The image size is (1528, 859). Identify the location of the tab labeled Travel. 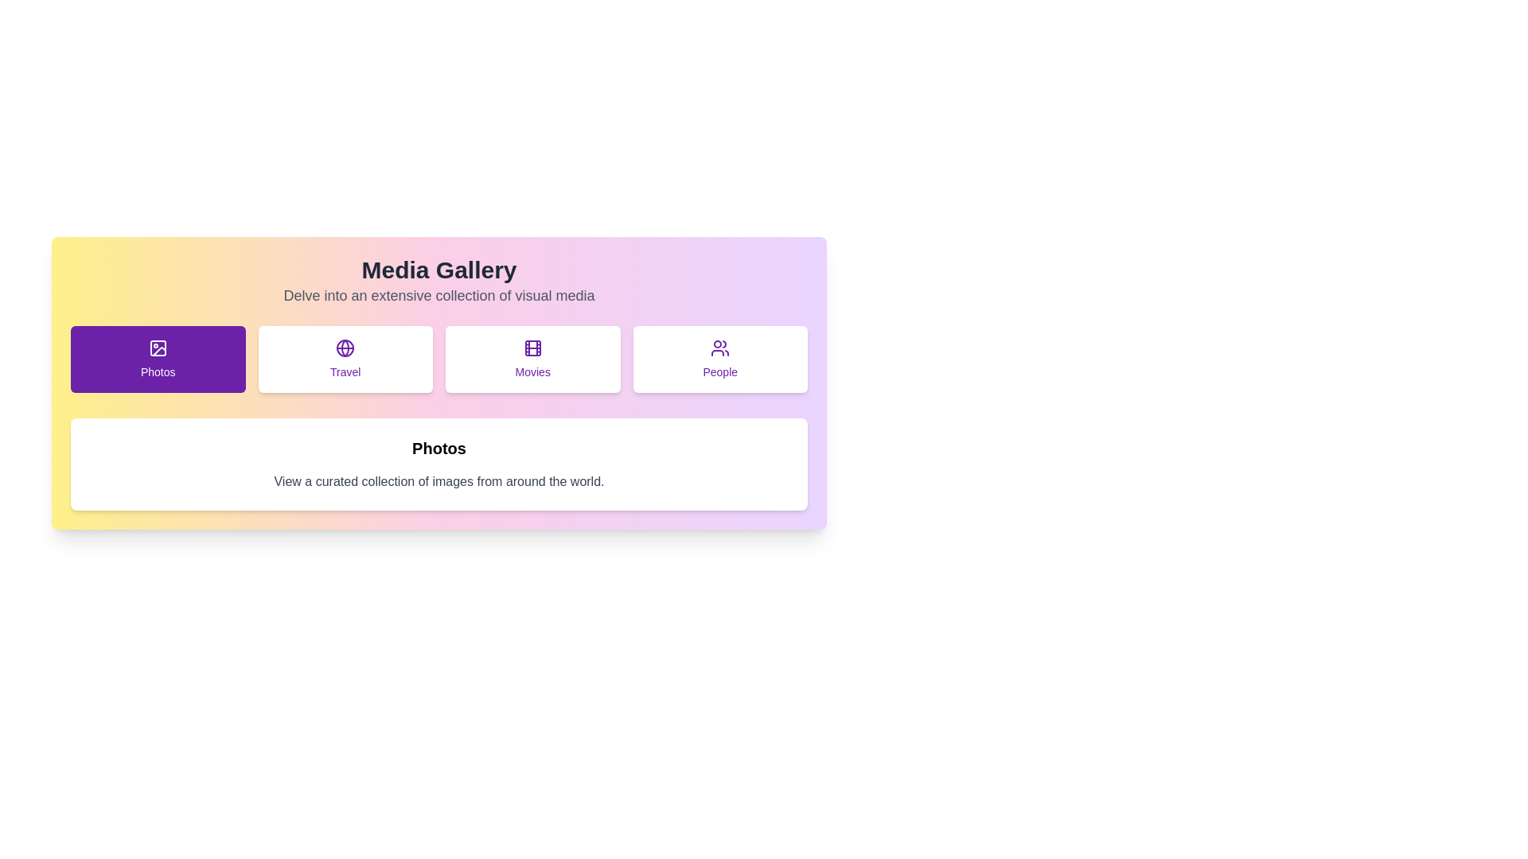
(345, 359).